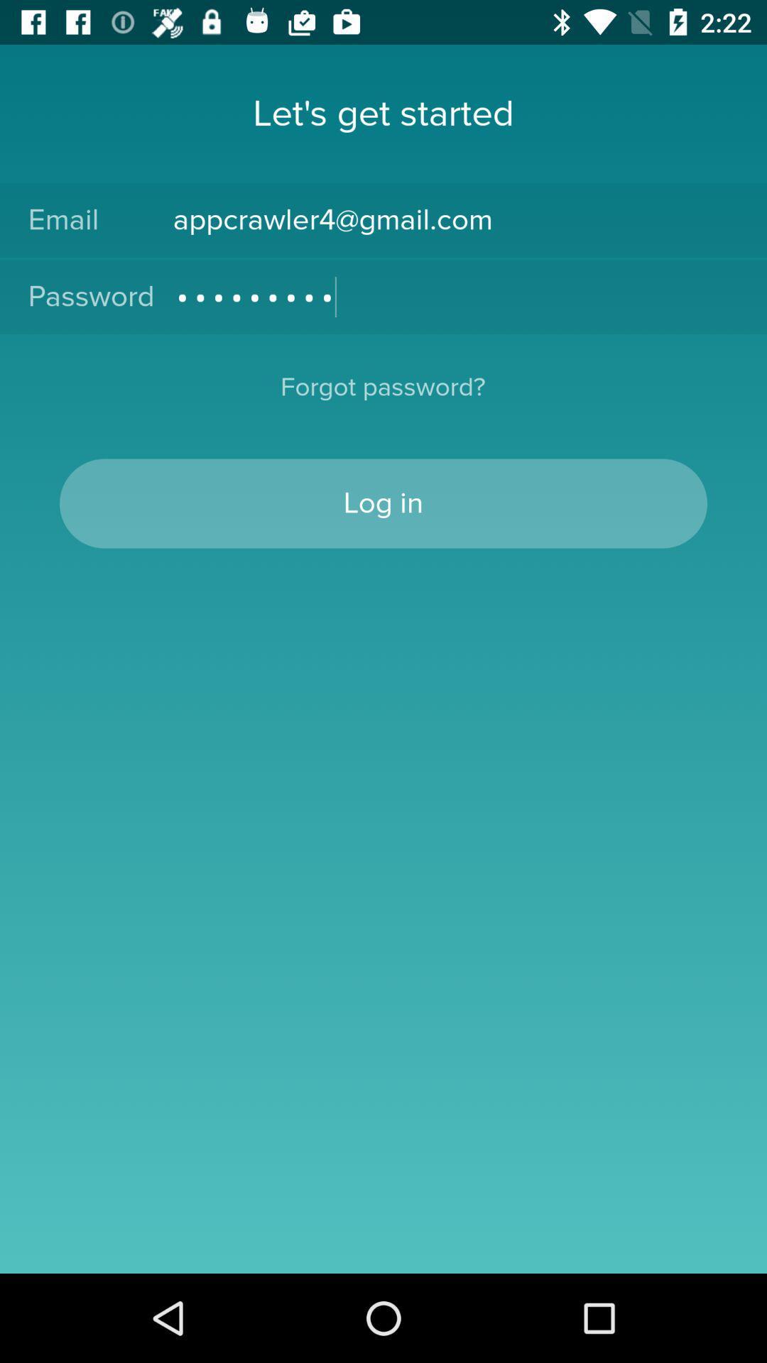 The height and width of the screenshot is (1363, 767). What do you see at coordinates (455, 219) in the screenshot?
I see `the appcrawler4@gmail.com icon` at bounding box center [455, 219].